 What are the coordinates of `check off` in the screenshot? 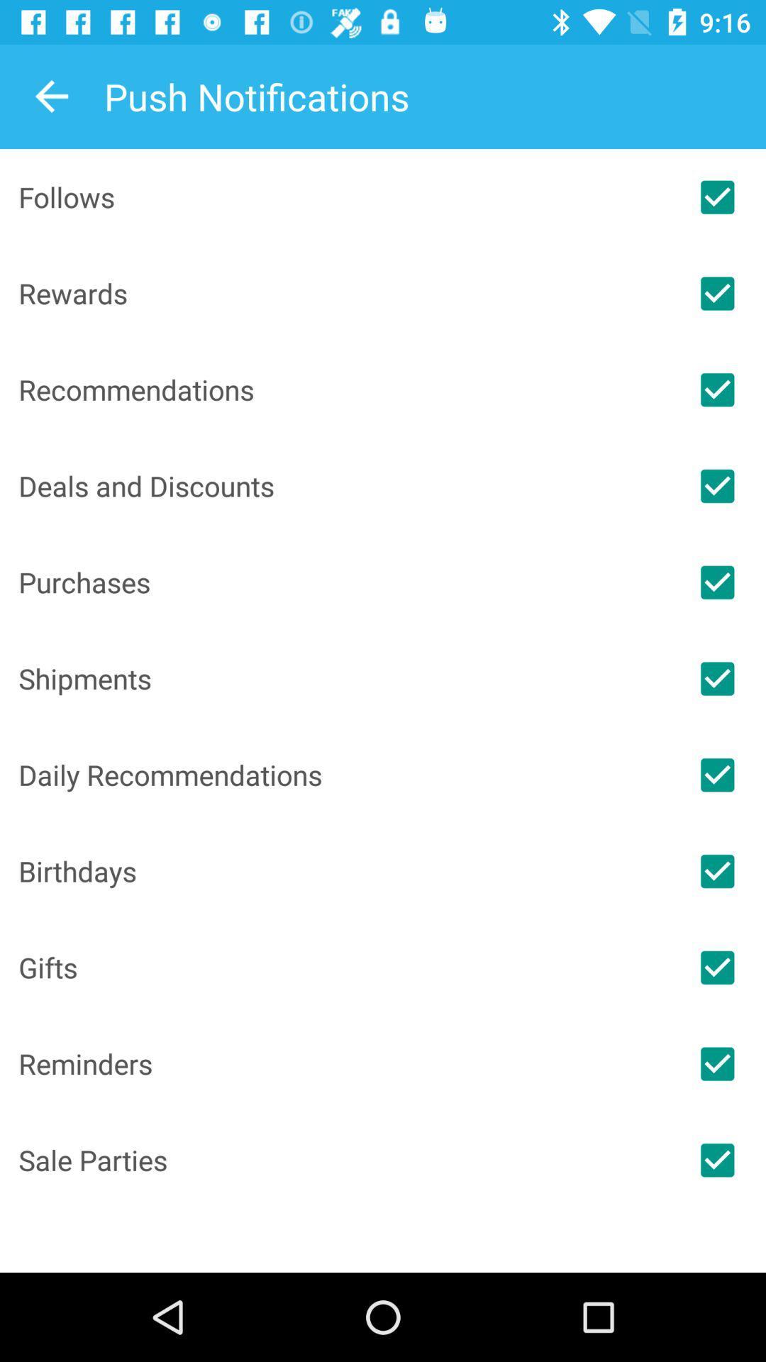 It's located at (717, 389).